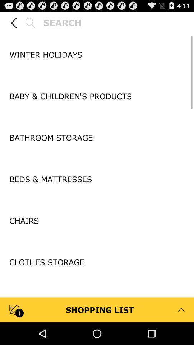 This screenshot has width=194, height=345. Describe the element at coordinates (97, 262) in the screenshot. I see `the clothes storage icon` at that location.